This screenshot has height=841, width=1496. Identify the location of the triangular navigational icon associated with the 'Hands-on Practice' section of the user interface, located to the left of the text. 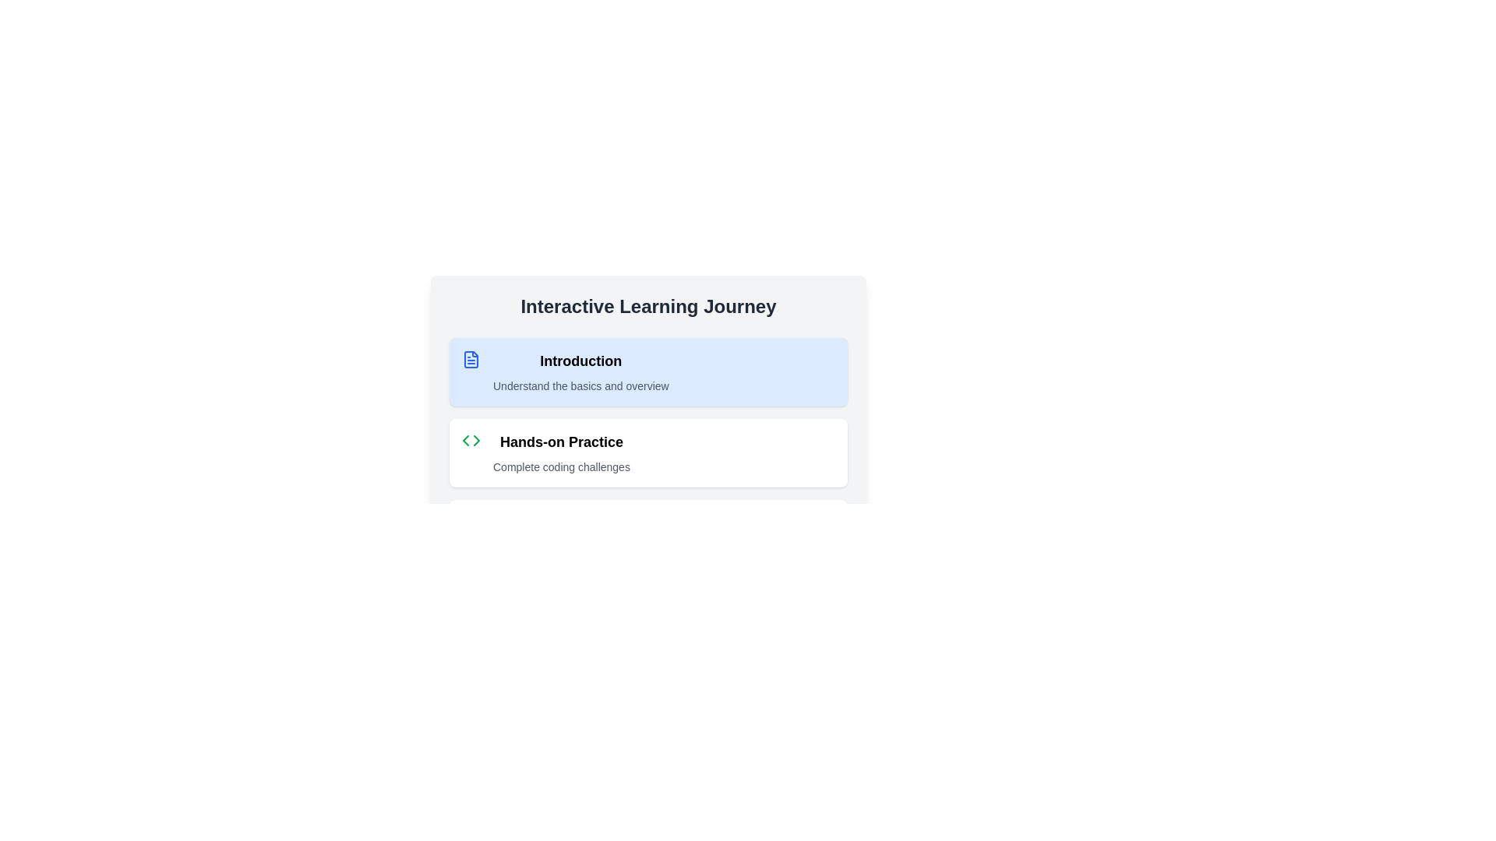
(475, 441).